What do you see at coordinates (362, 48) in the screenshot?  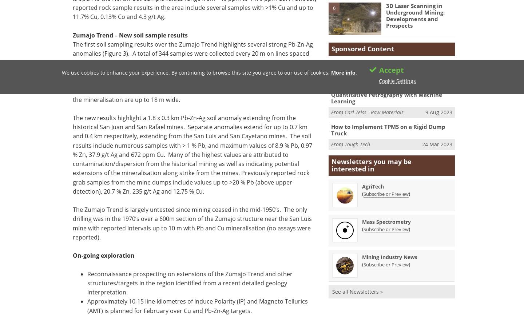 I see `'Sponsored Content'` at bounding box center [362, 48].